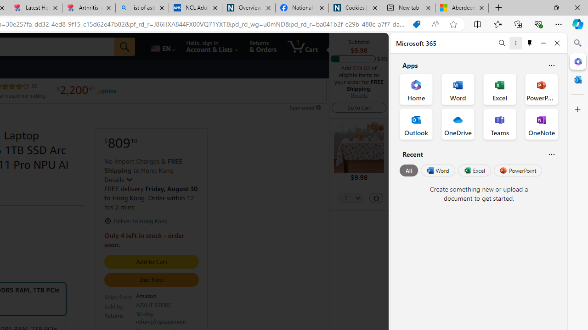  Describe the element at coordinates (530, 43) in the screenshot. I see `'Unpin side pane'` at that location.